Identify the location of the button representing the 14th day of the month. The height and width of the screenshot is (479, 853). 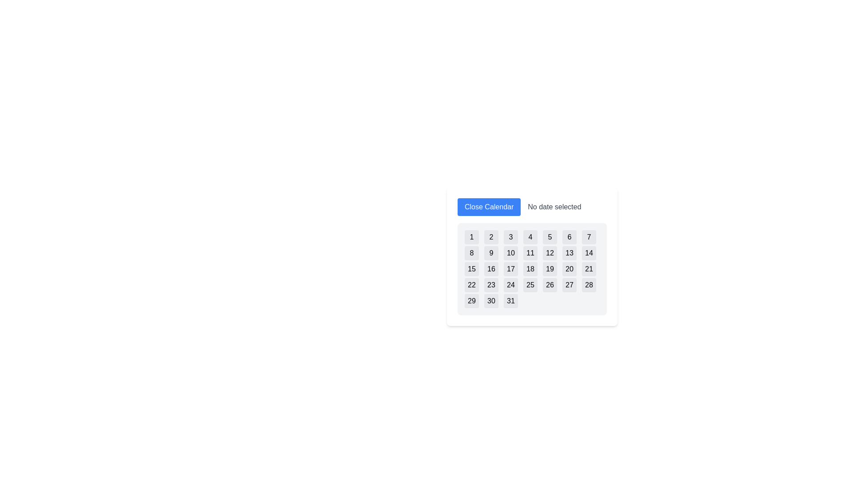
(589, 253).